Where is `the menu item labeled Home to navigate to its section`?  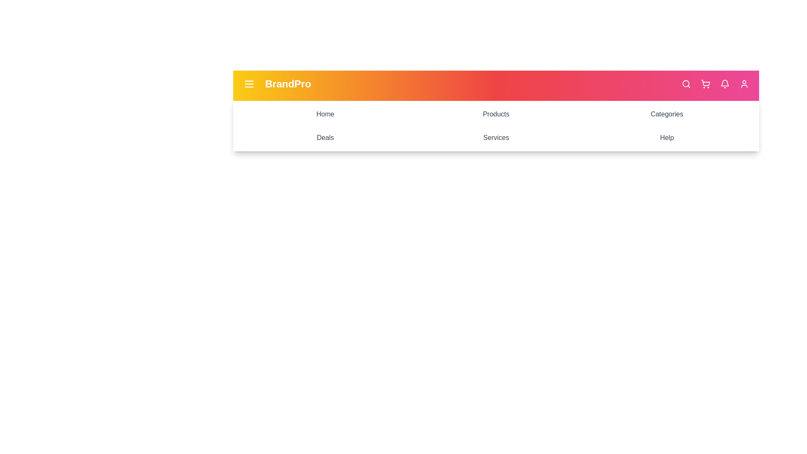 the menu item labeled Home to navigate to its section is located at coordinates (324, 114).